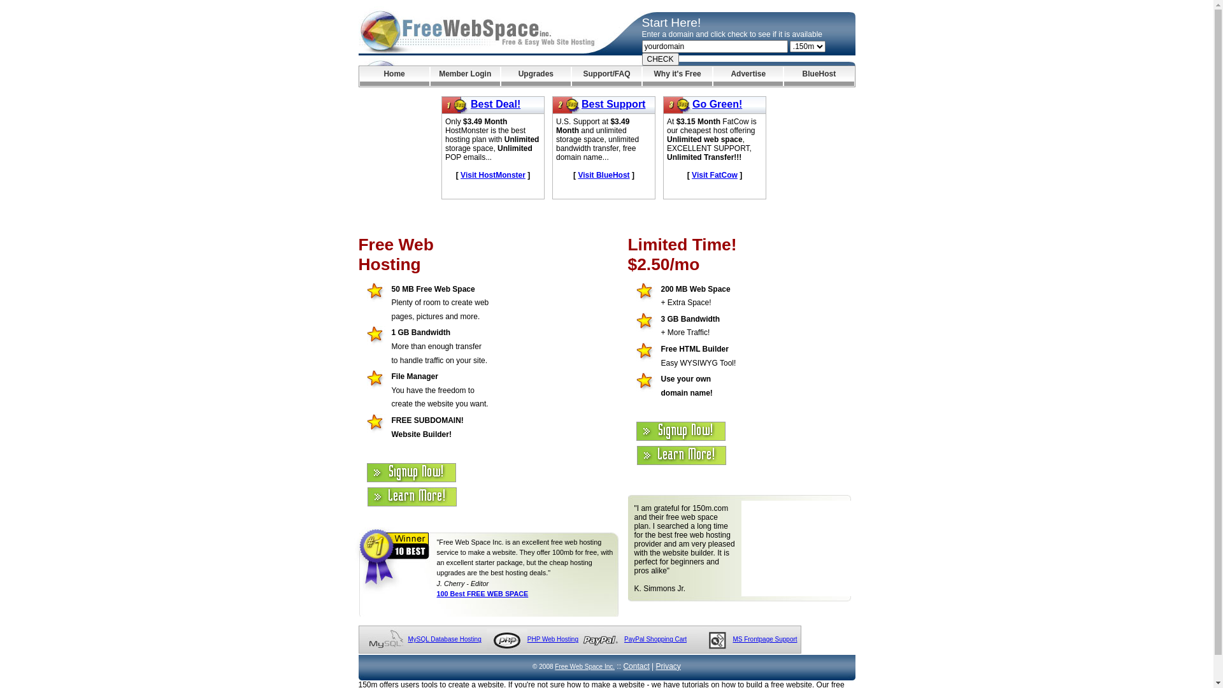 This screenshot has width=1223, height=688. What do you see at coordinates (501, 76) in the screenshot?
I see `'Upgrades'` at bounding box center [501, 76].